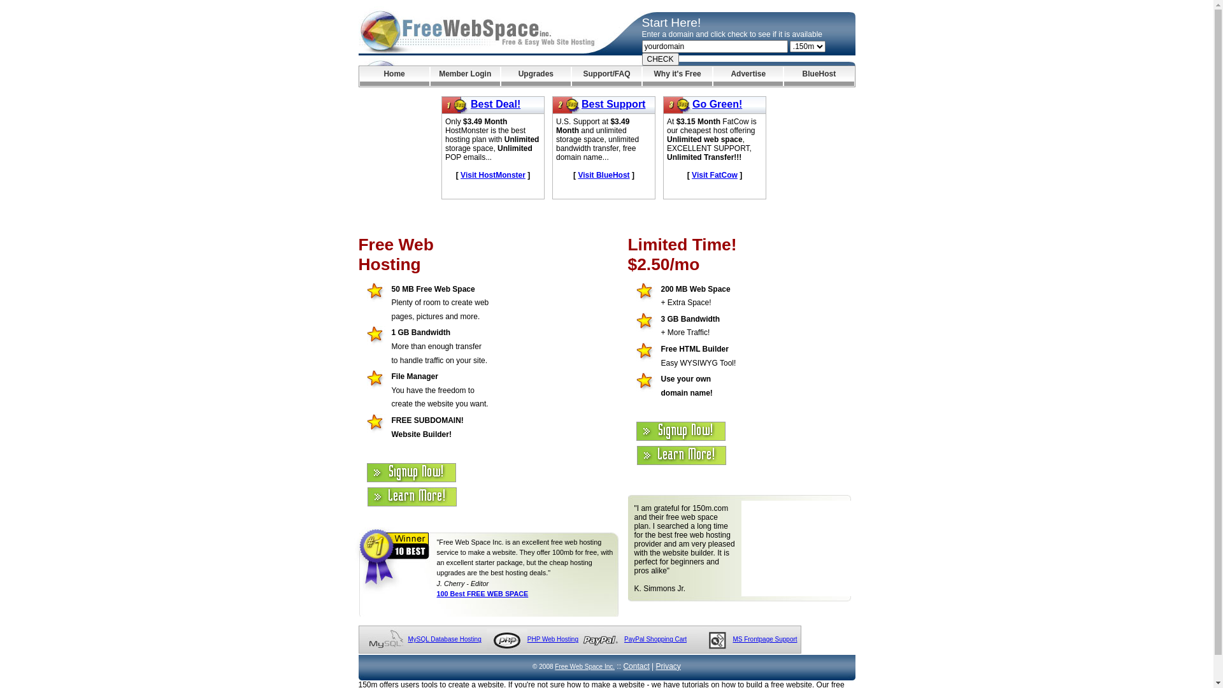 This screenshot has width=1223, height=688. What do you see at coordinates (501, 76) in the screenshot?
I see `'Upgrades'` at bounding box center [501, 76].